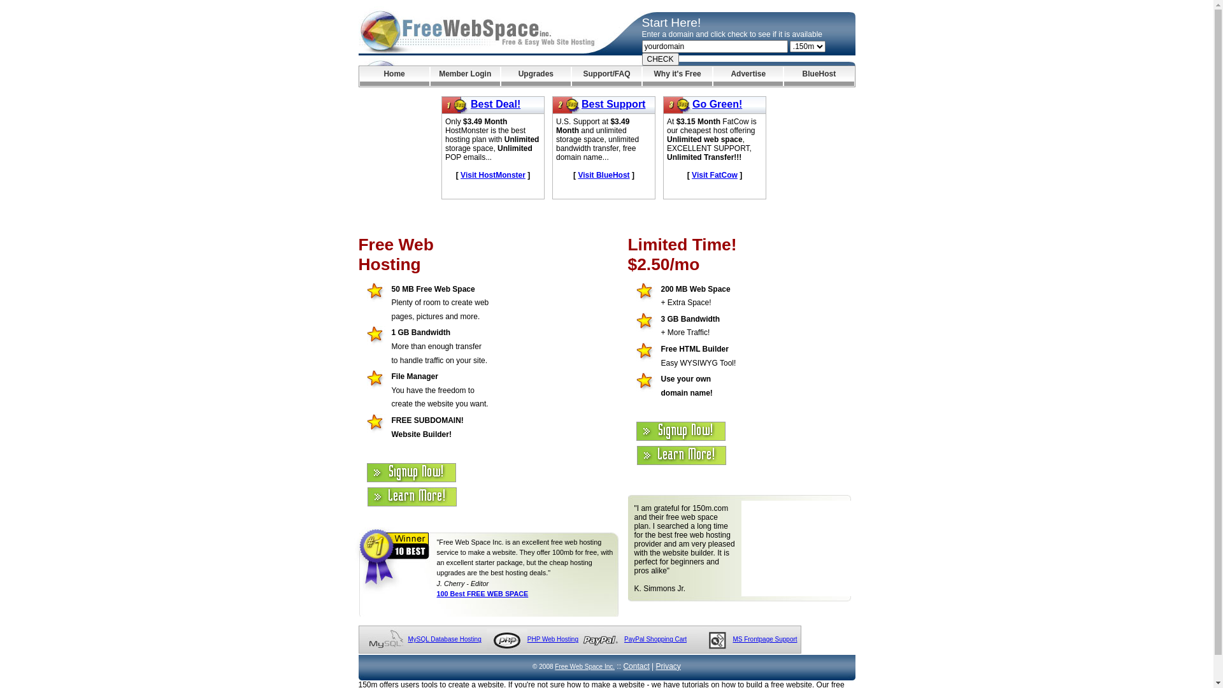 This screenshot has width=1223, height=688. What do you see at coordinates (501, 76) in the screenshot?
I see `'Upgrades'` at bounding box center [501, 76].